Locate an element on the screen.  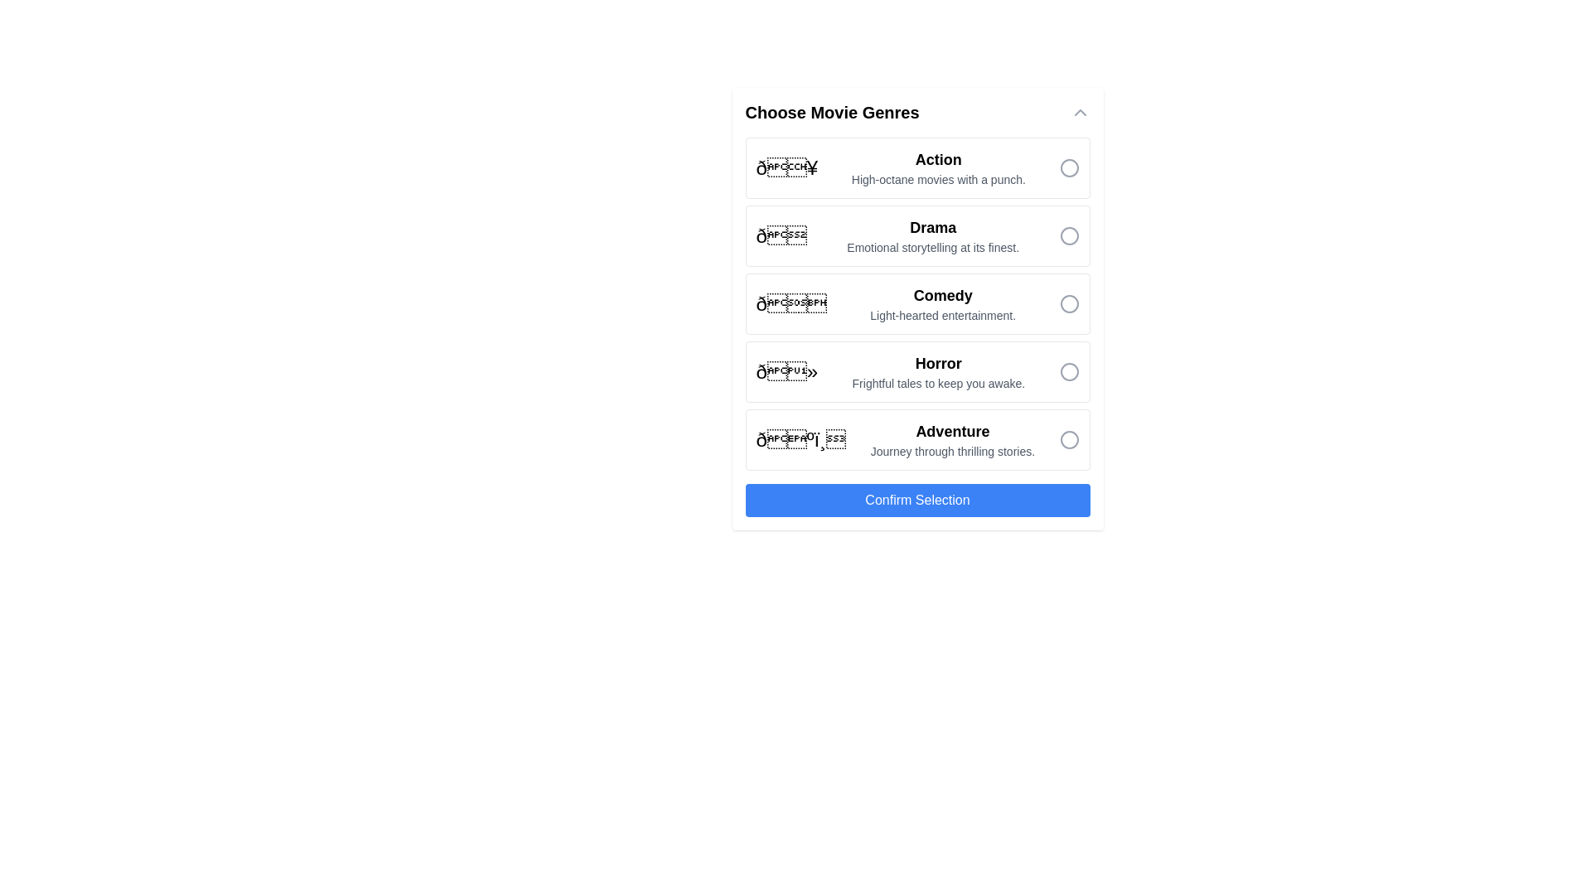
the text label that reads 'Choose Movie Genres', which is prominently displayed in bold, large black font on a white background, located centrally above a list of selectable movie genres is located at coordinates (832, 112).